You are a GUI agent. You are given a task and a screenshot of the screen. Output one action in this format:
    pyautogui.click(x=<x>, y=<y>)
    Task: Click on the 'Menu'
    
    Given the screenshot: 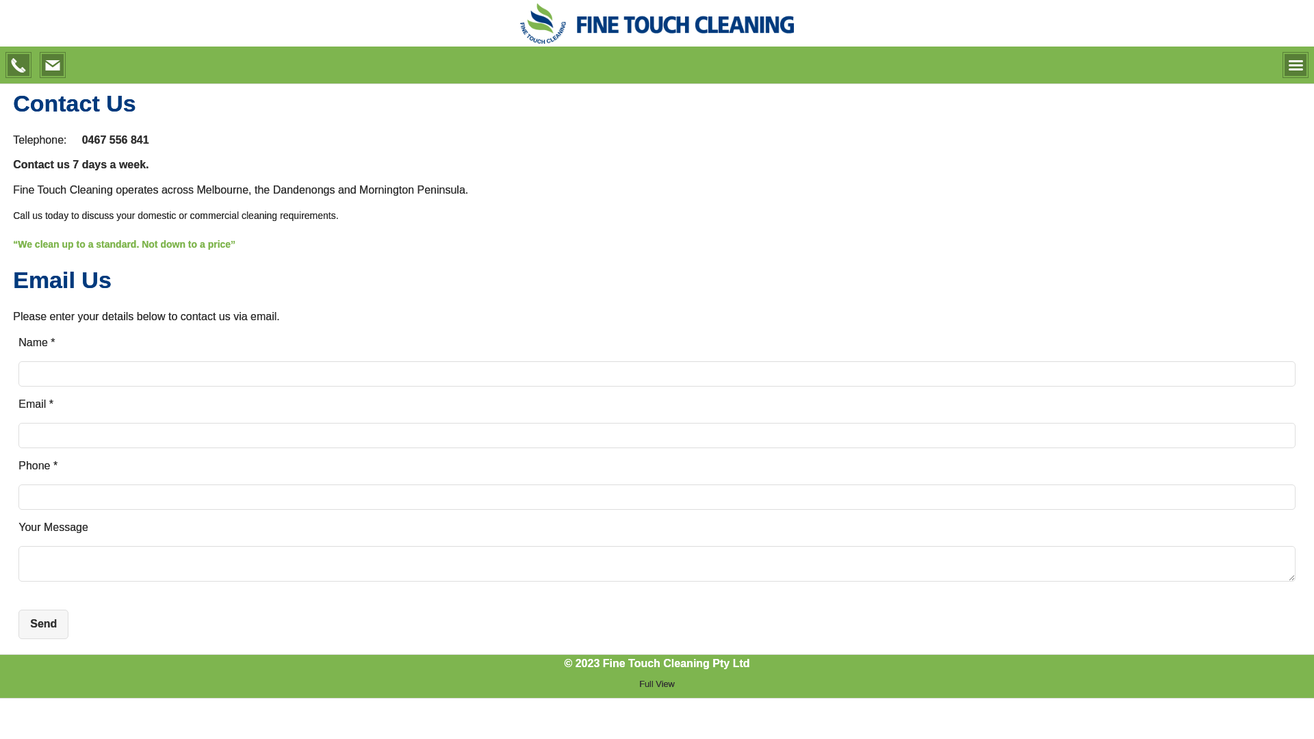 What is the action you would take?
    pyautogui.click(x=1294, y=65)
    